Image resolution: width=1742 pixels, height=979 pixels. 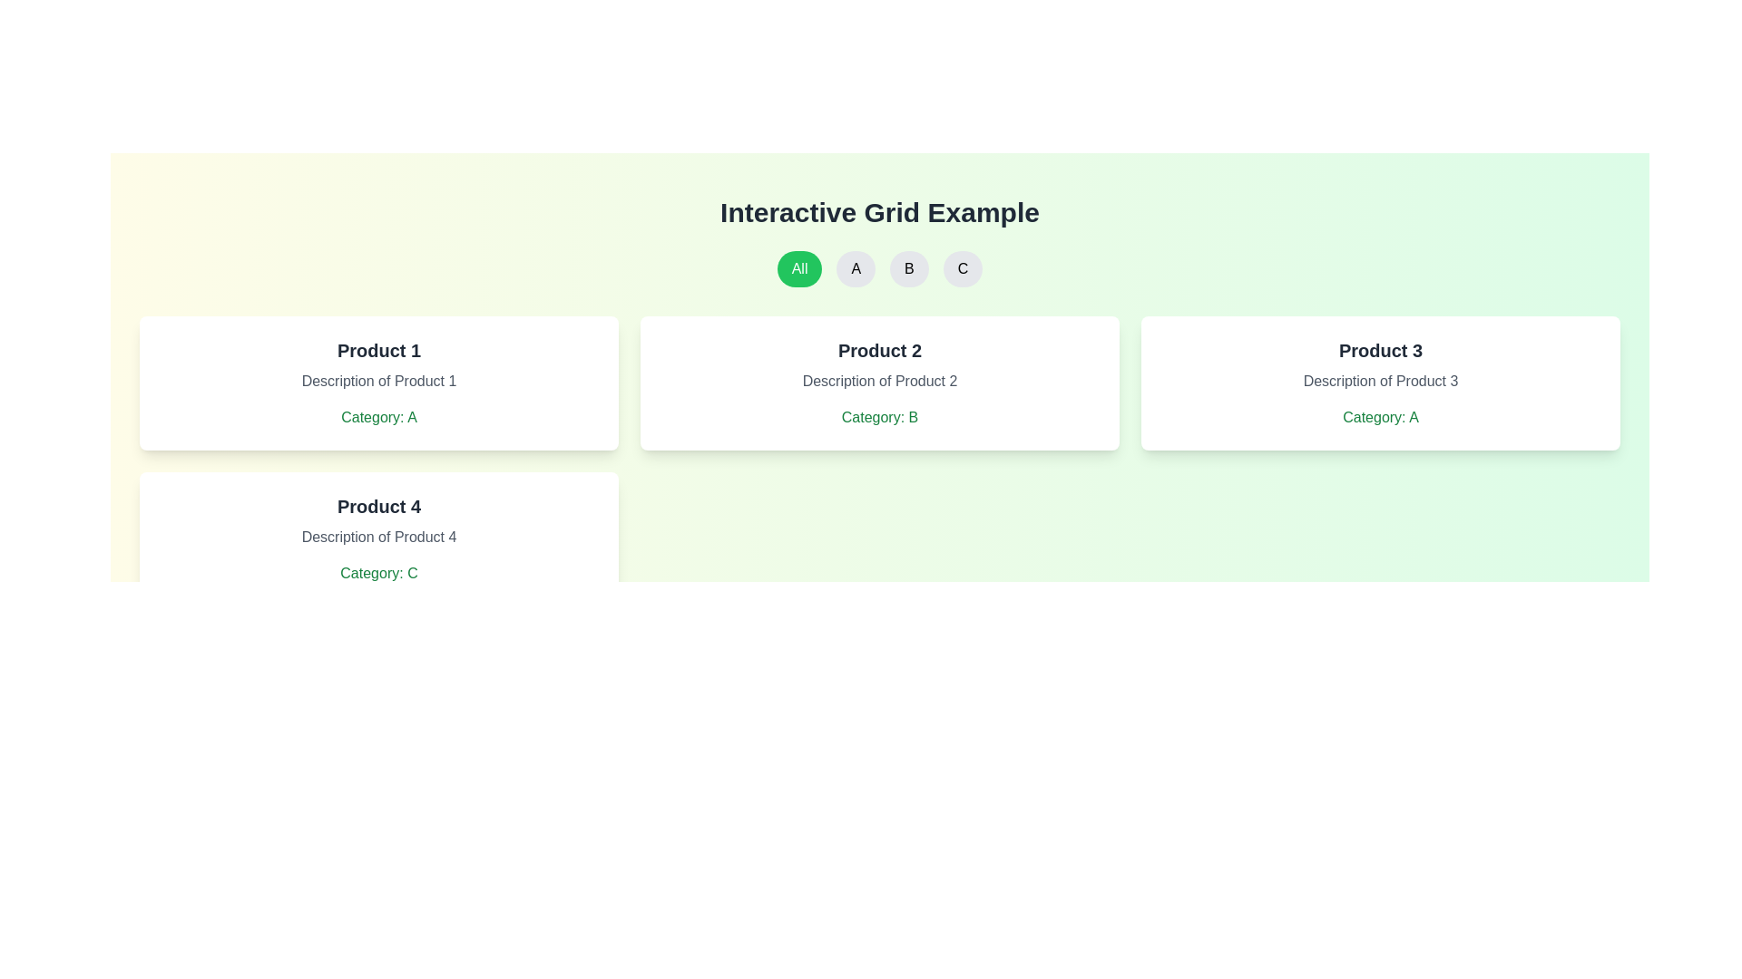 What do you see at coordinates (909, 269) in the screenshot?
I see `the button labeled 'B'` at bounding box center [909, 269].